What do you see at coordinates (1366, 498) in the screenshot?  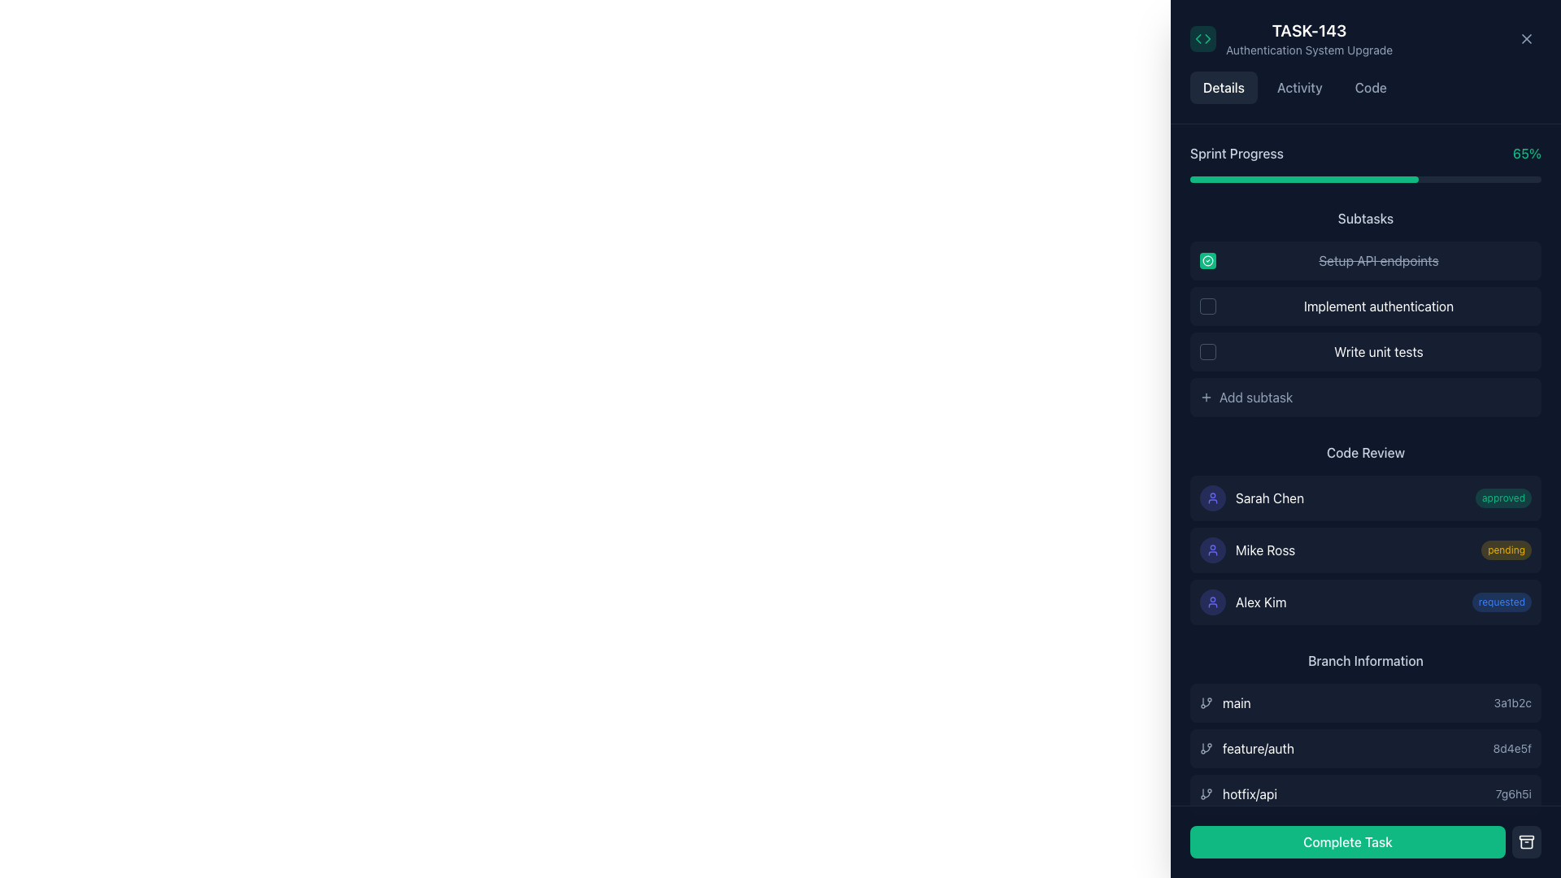 I see `the first card in the 'Code Review' section, which has a dark slate blue background and contains the user name 'Sarah Chen'` at bounding box center [1366, 498].